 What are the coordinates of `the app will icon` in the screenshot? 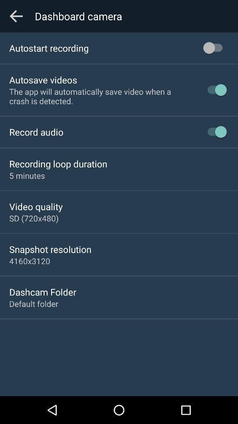 It's located at (100, 96).